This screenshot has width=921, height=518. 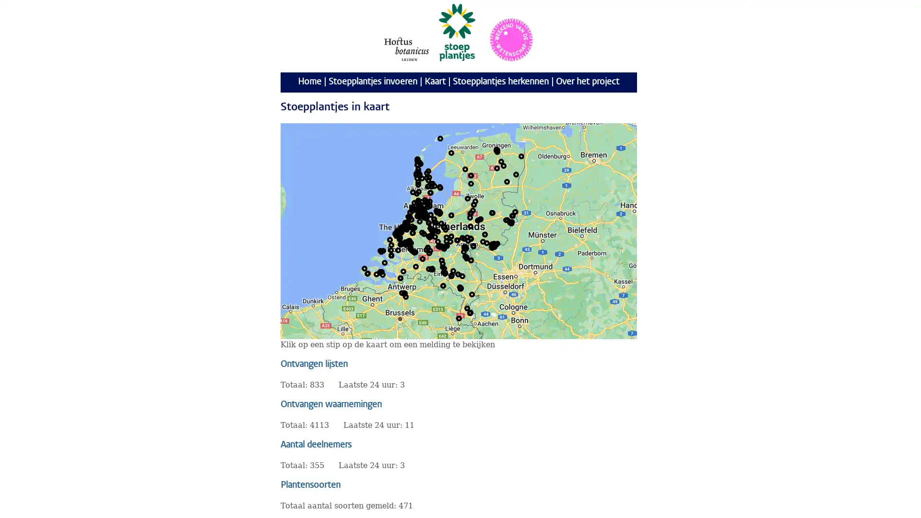 What do you see at coordinates (471, 175) in the screenshot?
I see `Telling van Plantje op 07 mei 2022` at bounding box center [471, 175].